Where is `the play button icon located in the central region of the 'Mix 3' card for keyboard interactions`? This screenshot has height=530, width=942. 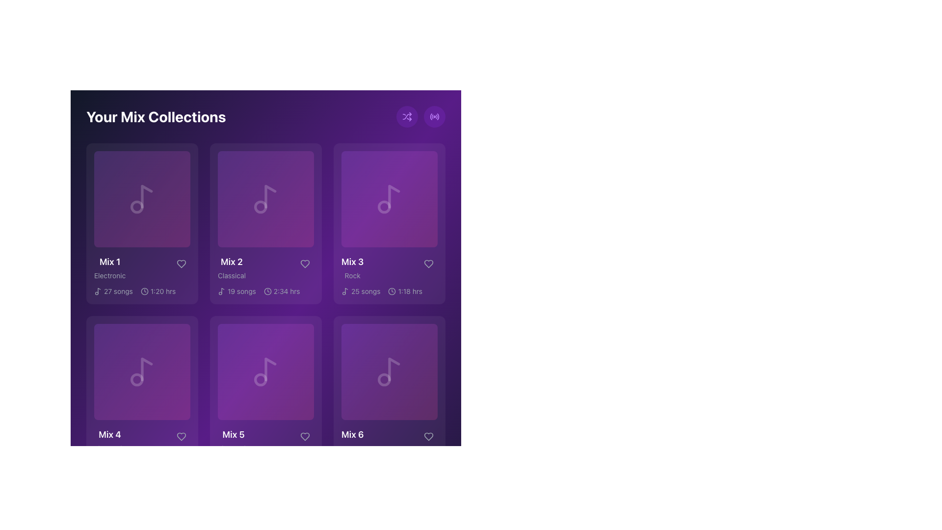 the play button icon located in the central region of the 'Mix 3' card for keyboard interactions is located at coordinates (390, 199).